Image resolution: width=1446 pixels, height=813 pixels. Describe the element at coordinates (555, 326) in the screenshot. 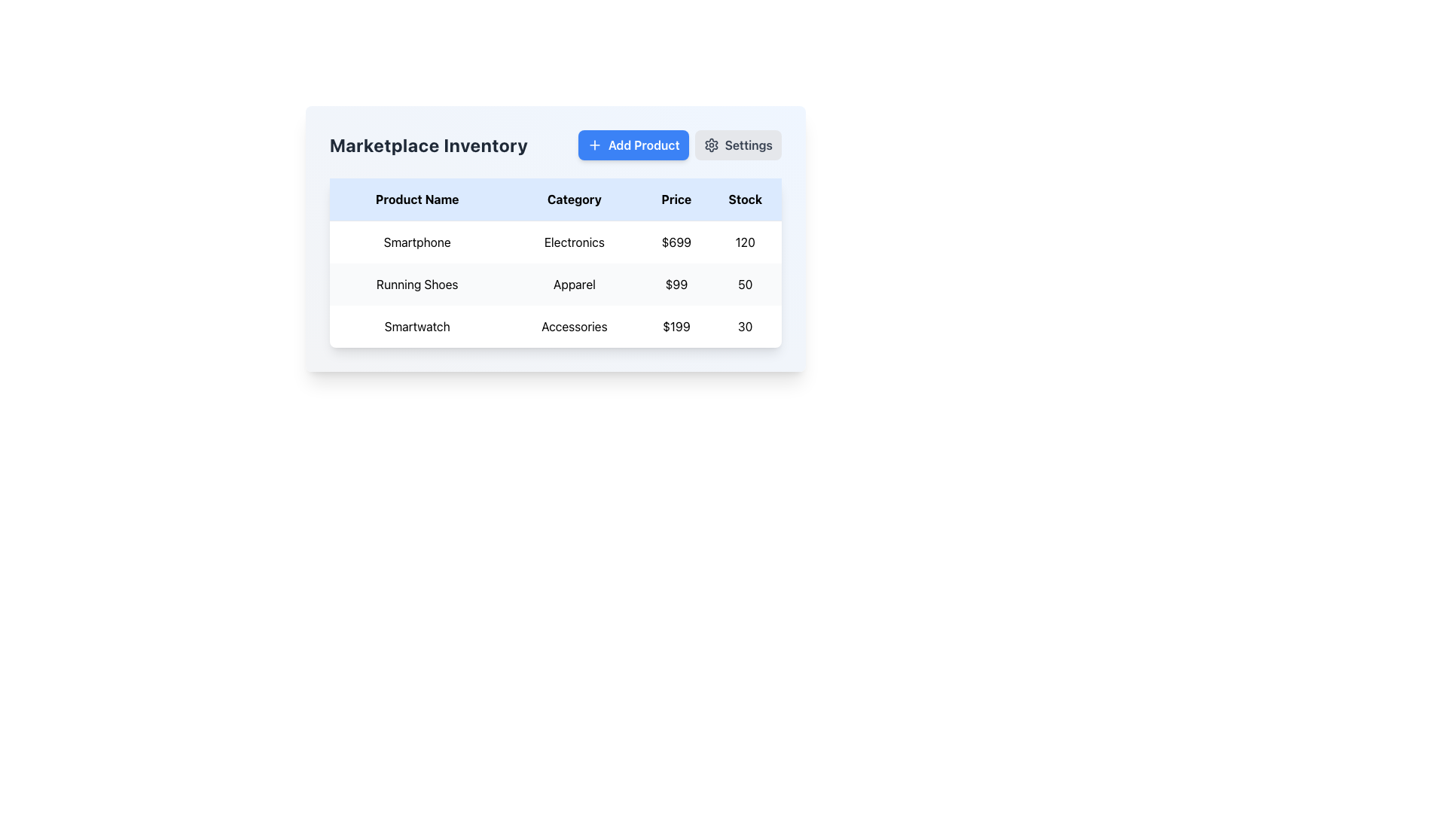

I see `the third row of the table displaying items, which contains the segments 'Smartwatch', 'Accessories', '$199', and '30', if interactivity is enabled` at that location.